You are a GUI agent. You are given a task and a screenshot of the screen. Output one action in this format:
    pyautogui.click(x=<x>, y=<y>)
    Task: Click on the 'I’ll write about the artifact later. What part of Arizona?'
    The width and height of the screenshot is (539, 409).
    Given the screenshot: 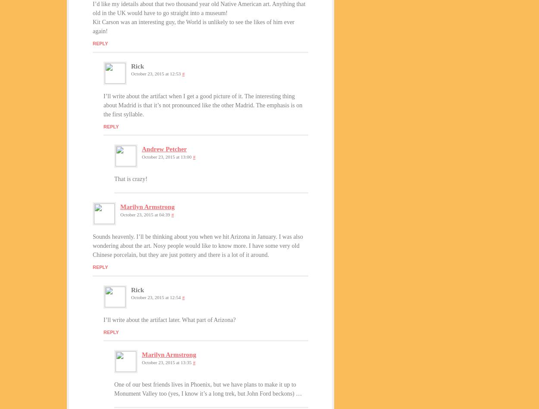 What is the action you would take?
    pyautogui.click(x=169, y=319)
    